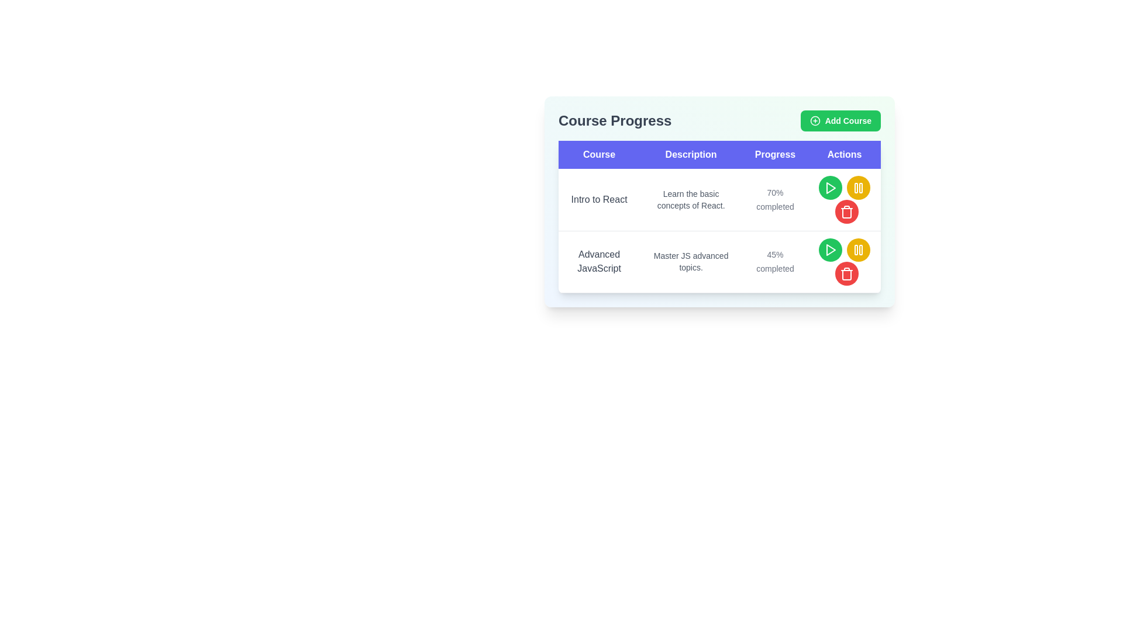  I want to click on the play icon located in the 'Actions' column of the second row in the table, so click(830, 249).